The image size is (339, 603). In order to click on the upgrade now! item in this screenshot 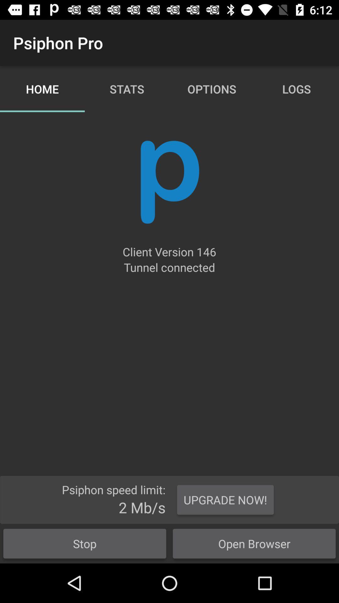, I will do `click(225, 499)`.